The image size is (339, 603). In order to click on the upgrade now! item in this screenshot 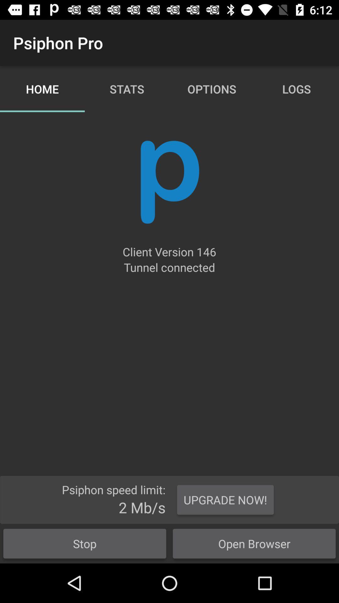, I will do `click(225, 499)`.